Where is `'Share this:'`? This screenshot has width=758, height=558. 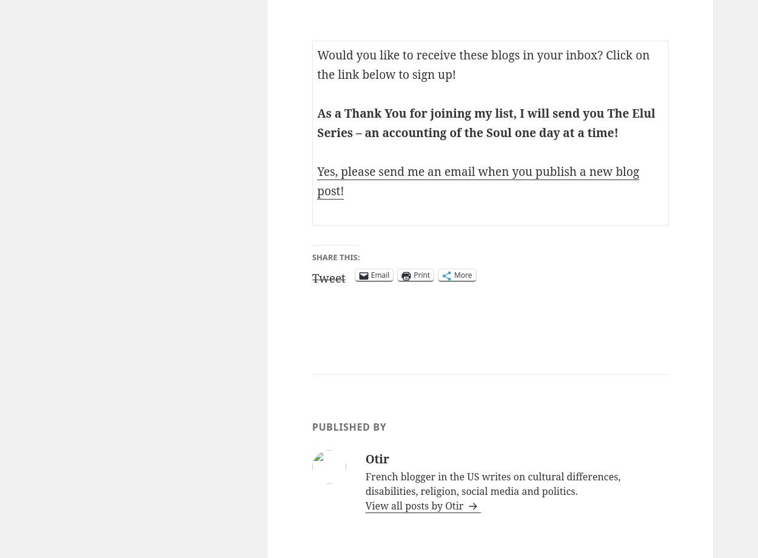 'Share this:' is located at coordinates (335, 257).